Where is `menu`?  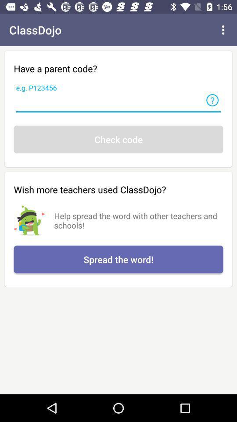
menu is located at coordinates (223, 30).